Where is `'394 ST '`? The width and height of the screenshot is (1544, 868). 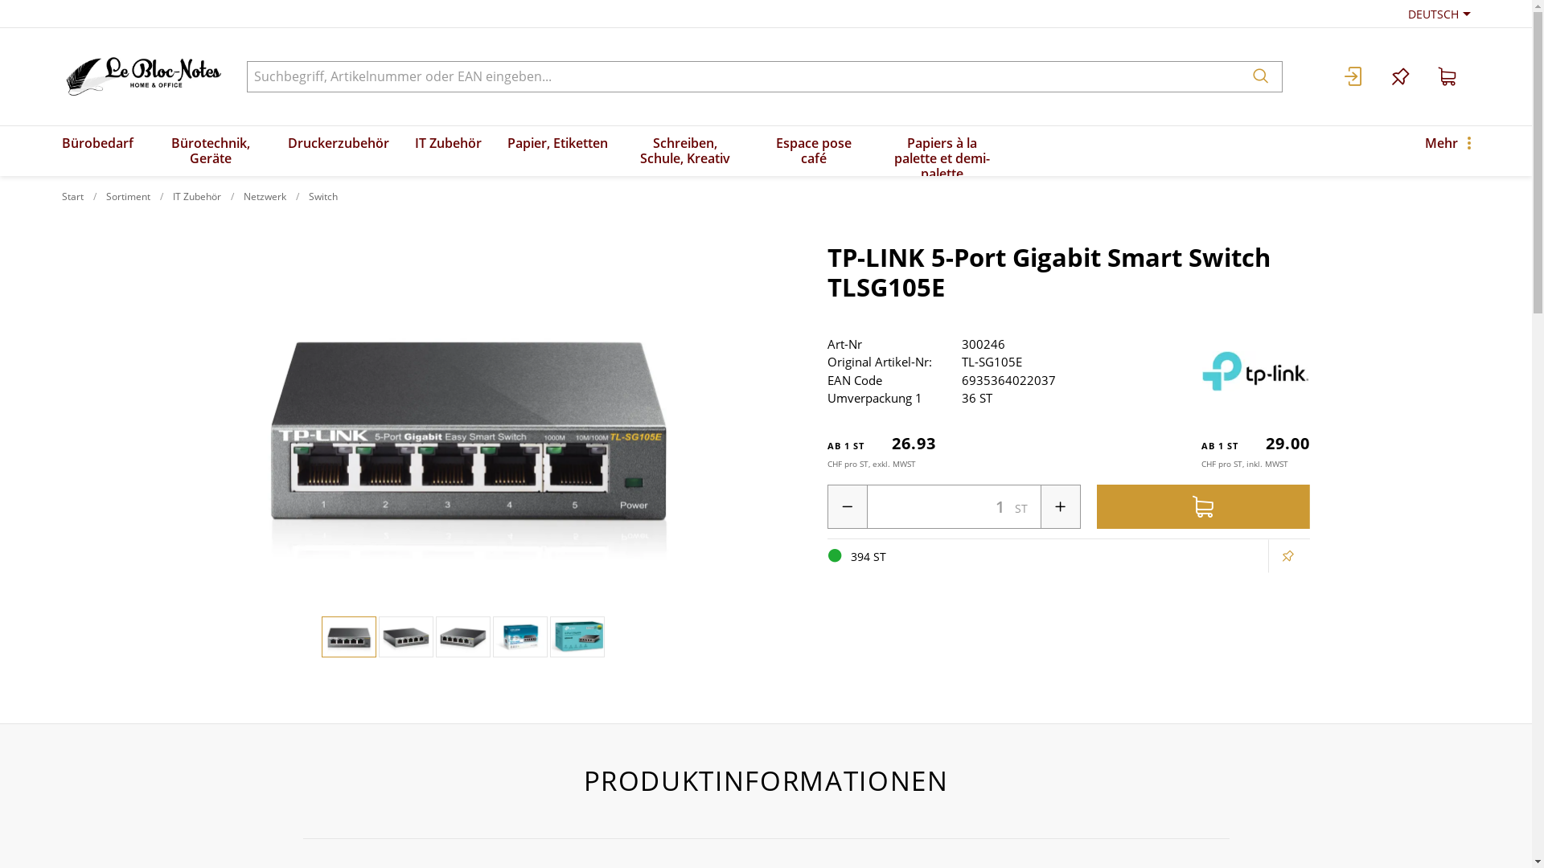 '394 ST ' is located at coordinates (833, 555).